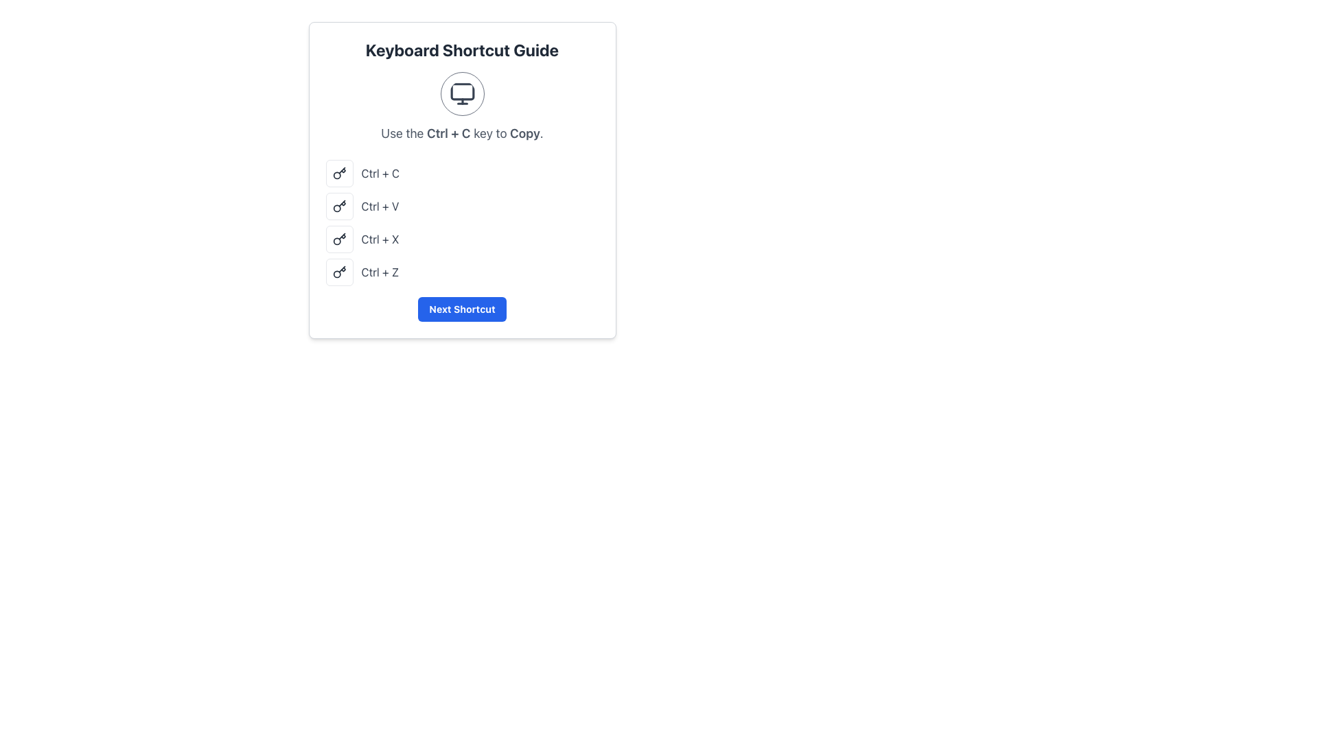 This screenshot has width=1318, height=741. I want to click on the decorative SVG icon that represents computer usage, located above the text 'Use the Ctrl + C key to Copy.', so click(462, 93).